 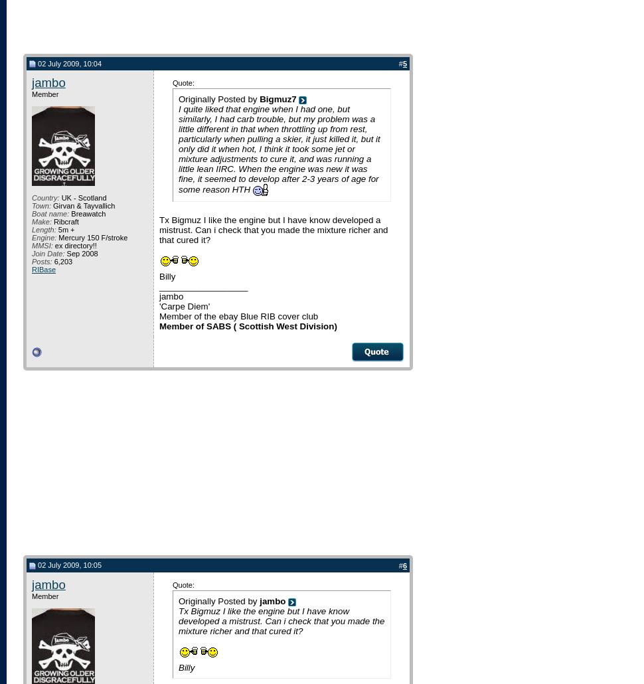 I want to click on 'Breawatch', so click(x=87, y=213).